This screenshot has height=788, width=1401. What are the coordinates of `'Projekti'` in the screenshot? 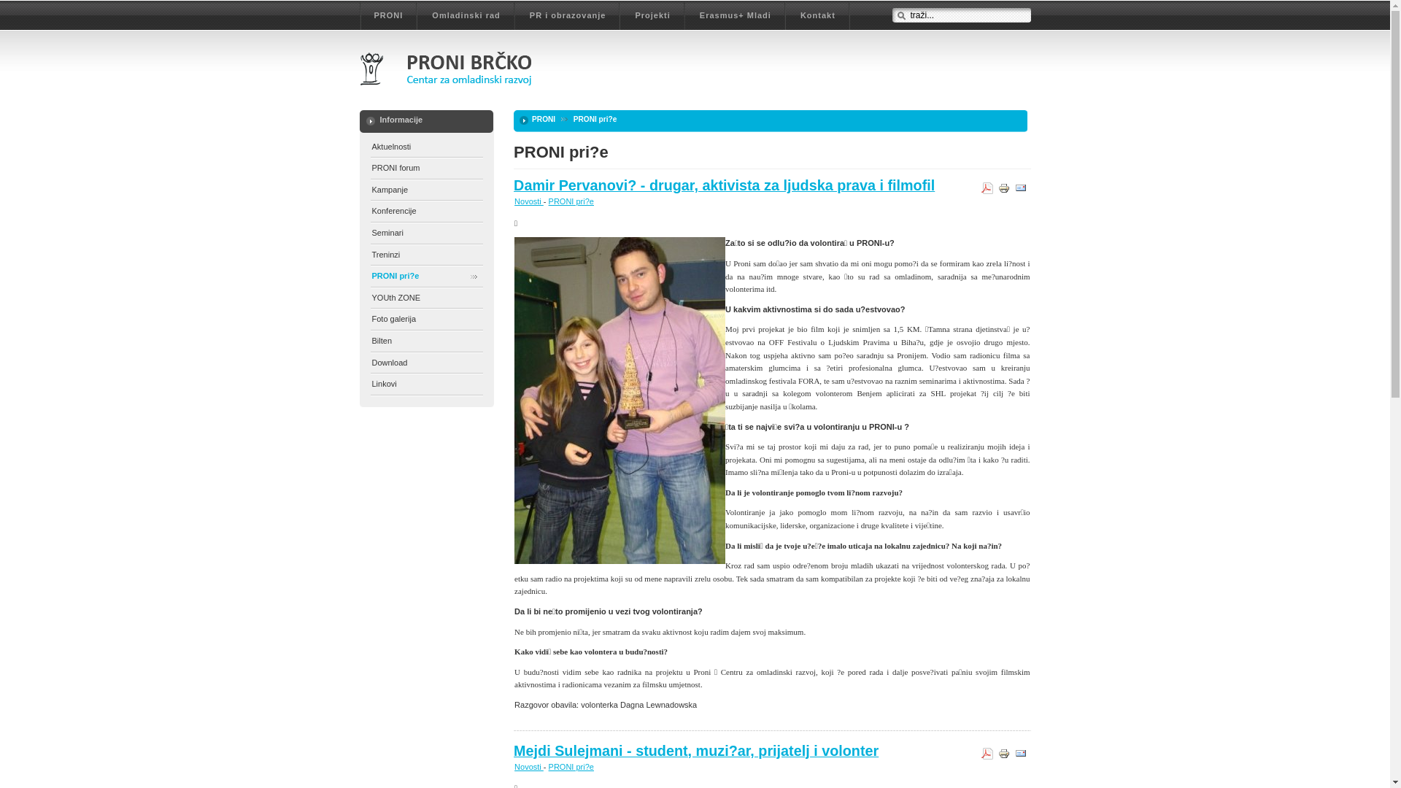 It's located at (651, 17).